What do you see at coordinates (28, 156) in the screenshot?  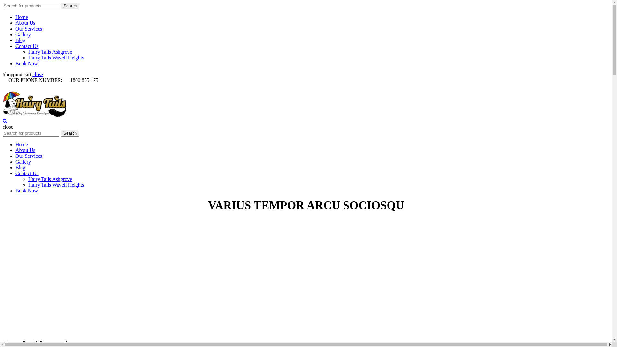 I see `'Our Services'` at bounding box center [28, 156].